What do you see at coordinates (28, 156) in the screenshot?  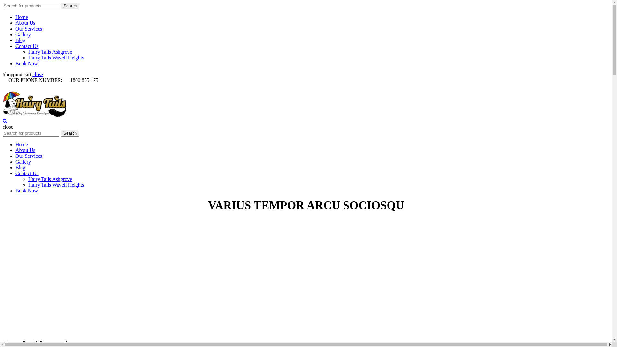 I see `'Our Services'` at bounding box center [28, 156].